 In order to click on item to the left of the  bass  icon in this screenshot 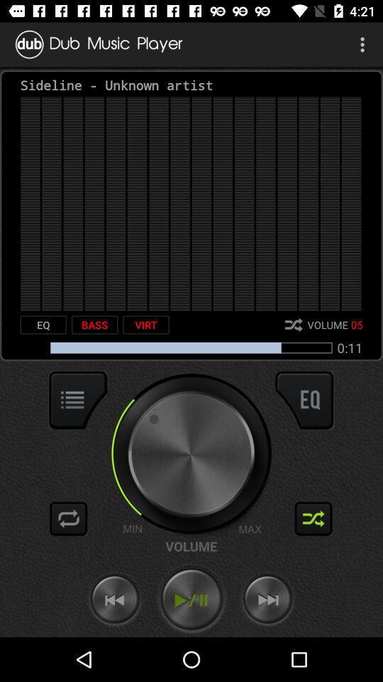, I will do `click(43, 325)`.